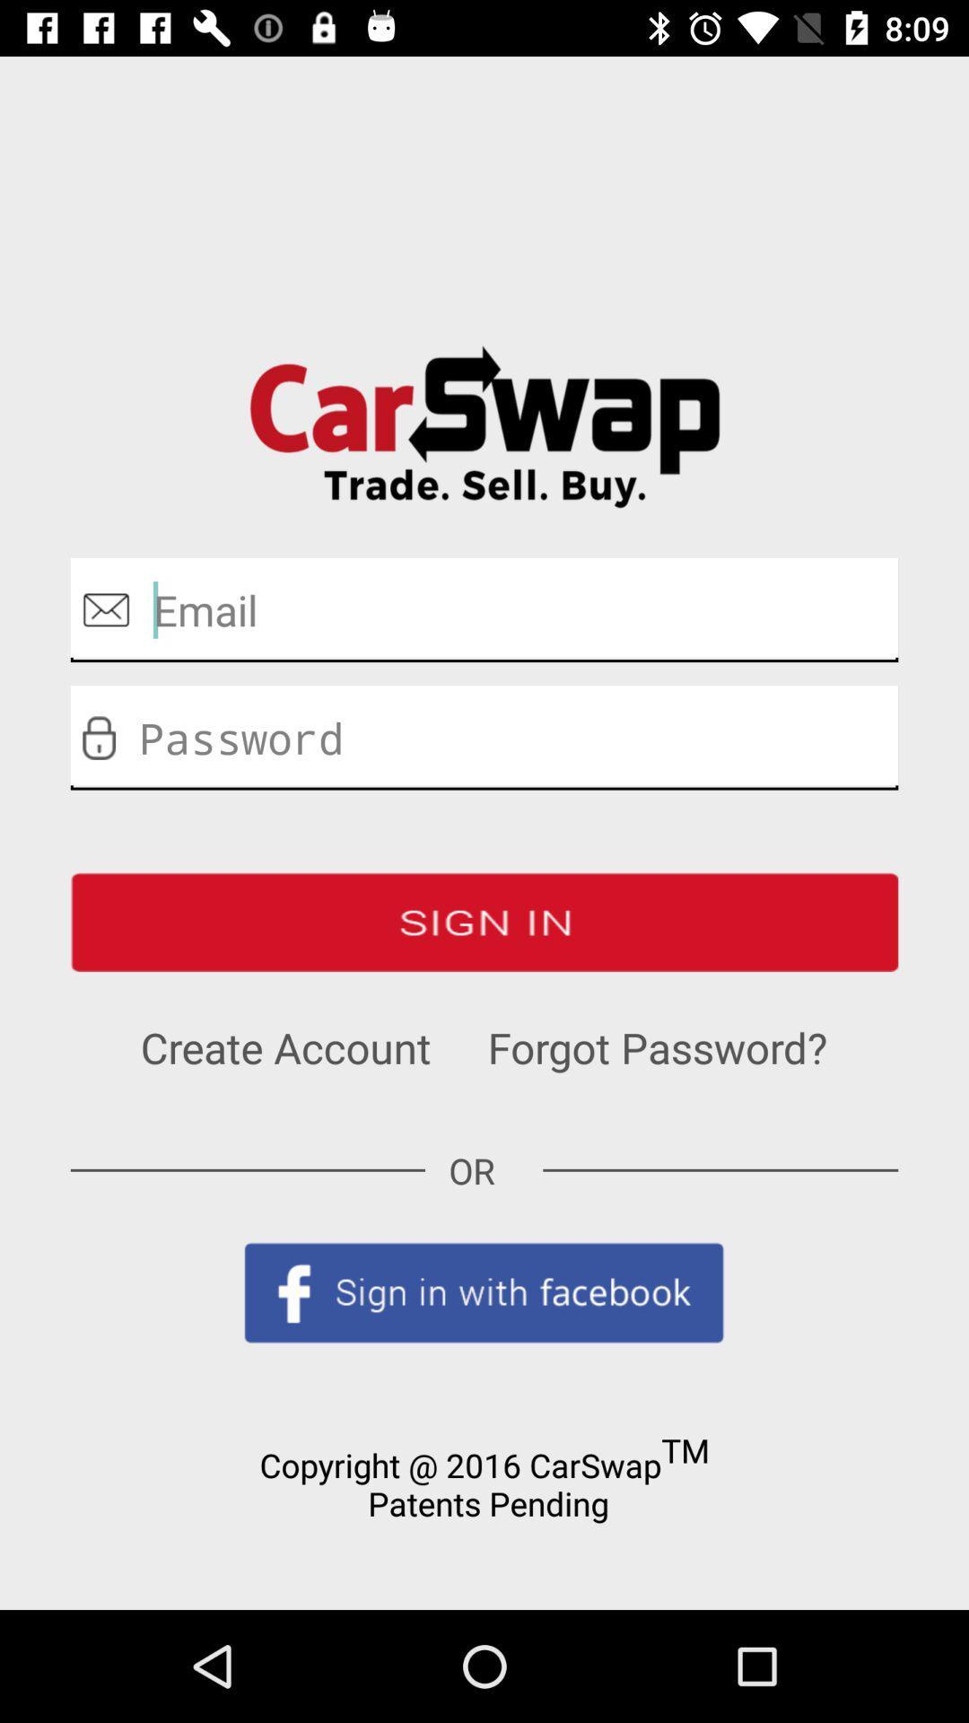 The width and height of the screenshot is (969, 1723). Describe the element at coordinates (484, 1292) in the screenshot. I see `sign in facebook for login` at that location.